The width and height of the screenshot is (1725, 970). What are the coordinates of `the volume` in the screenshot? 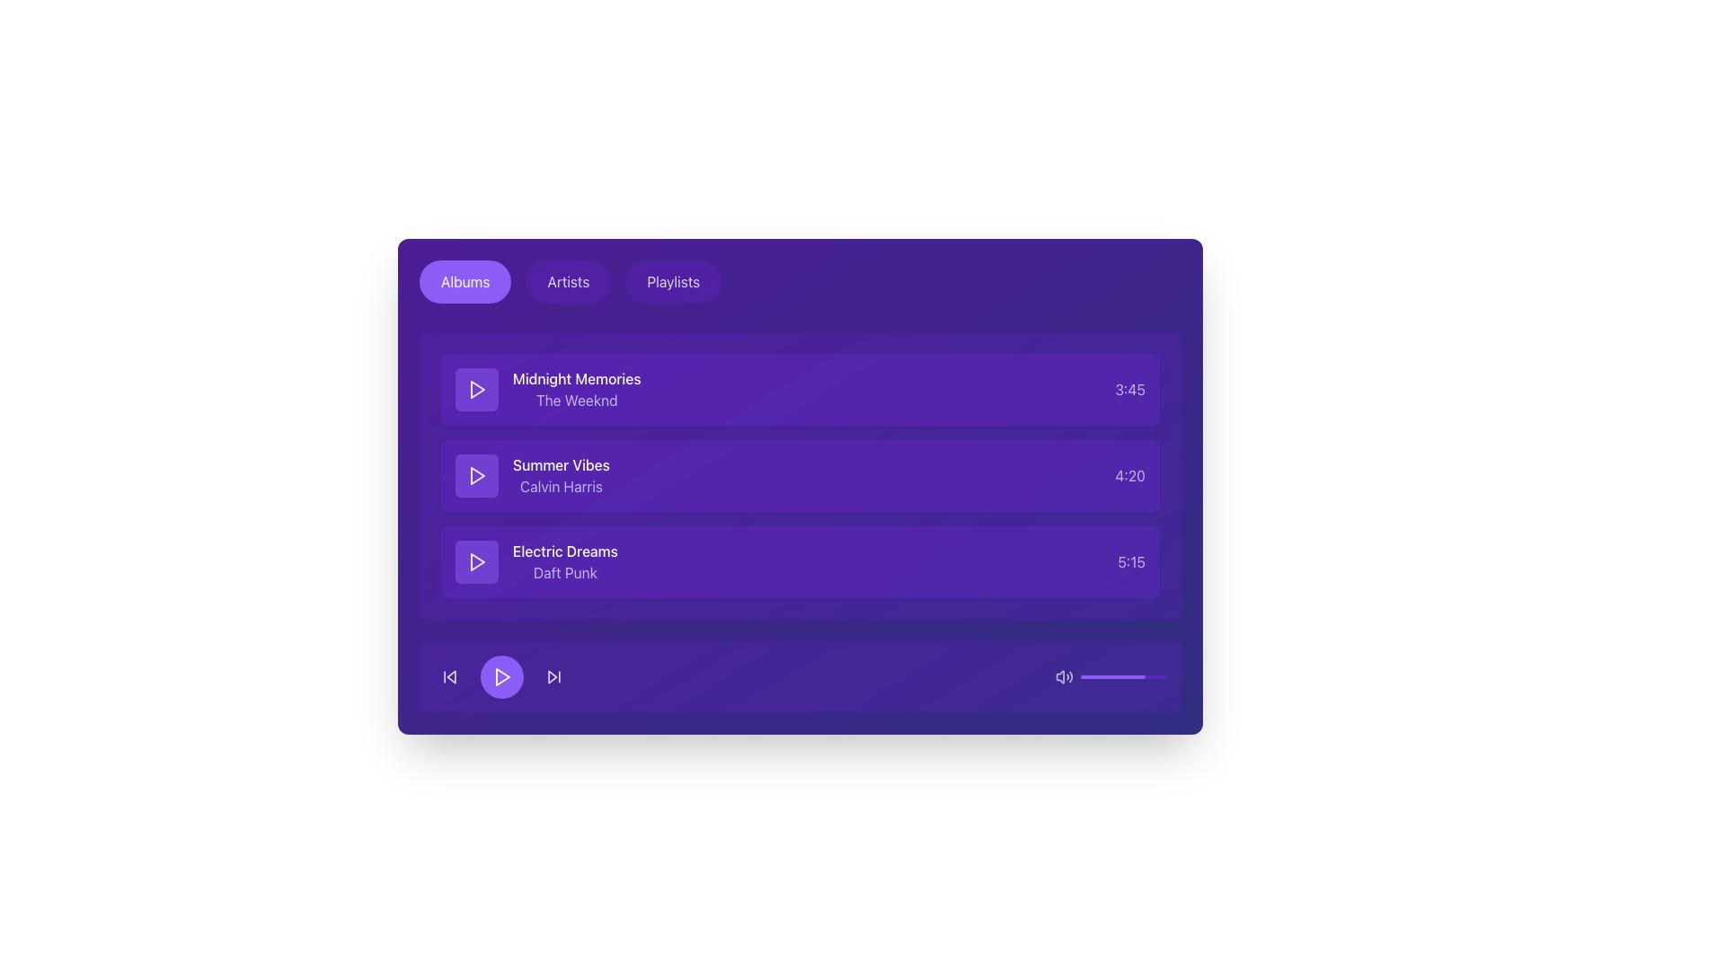 It's located at (1160, 676).